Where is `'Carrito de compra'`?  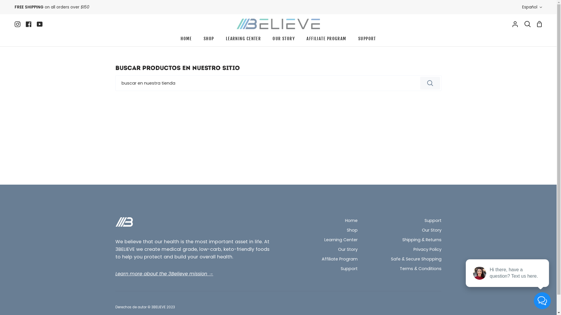
'Carrito de compra' is located at coordinates (539, 23).